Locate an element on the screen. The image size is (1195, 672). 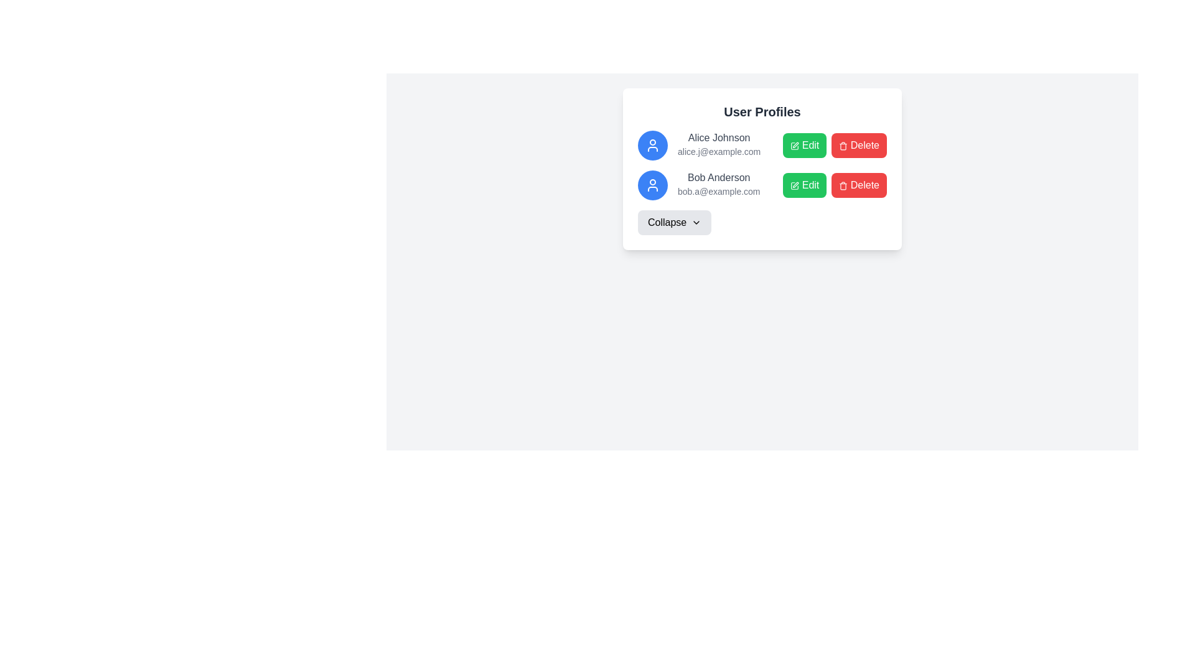
the downward-facing chevron-shaped icon next to the 'Collapse' button is located at coordinates (696, 222).